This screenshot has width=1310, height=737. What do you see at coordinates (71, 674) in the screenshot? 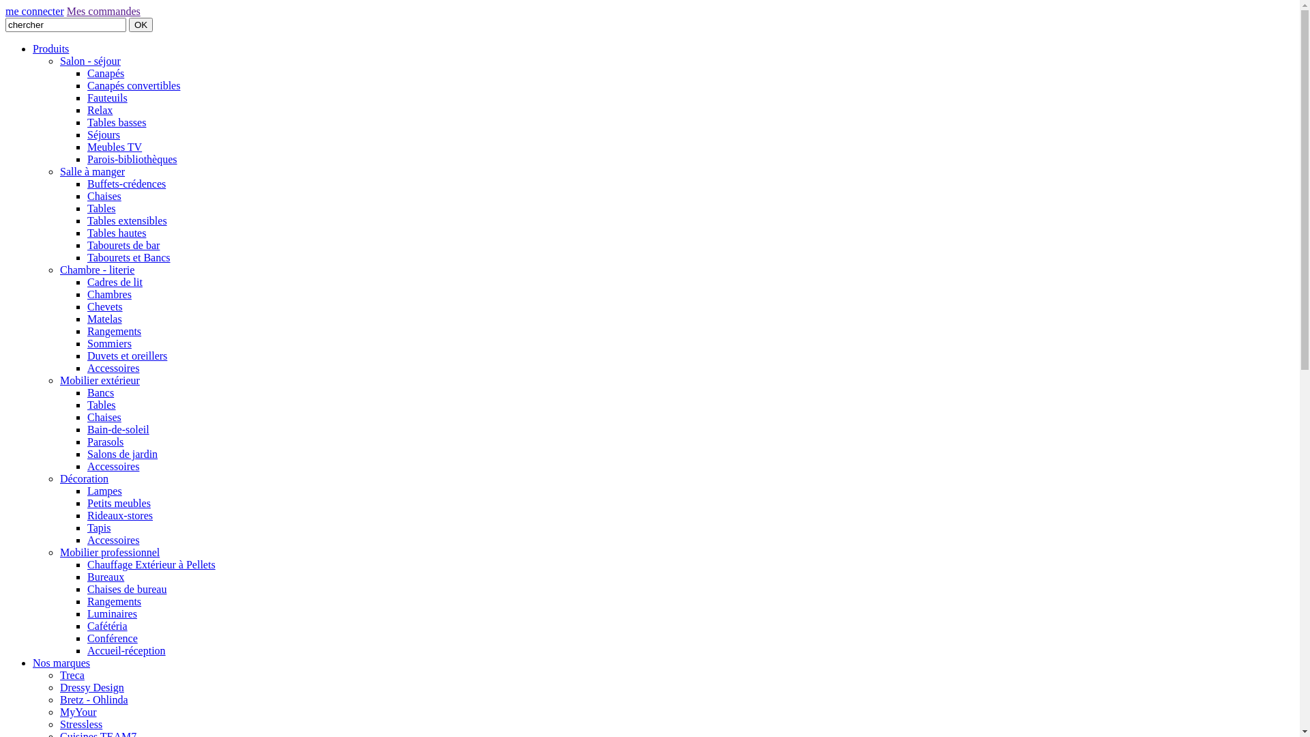
I see `'Treca'` at bounding box center [71, 674].